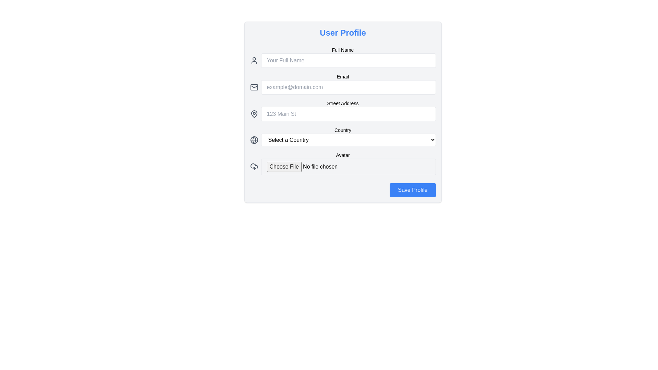 The width and height of the screenshot is (658, 370). I want to click on the label text that provides context for the email input field, positioned centrally above the email input and alongside the email icon, so click(343, 76).